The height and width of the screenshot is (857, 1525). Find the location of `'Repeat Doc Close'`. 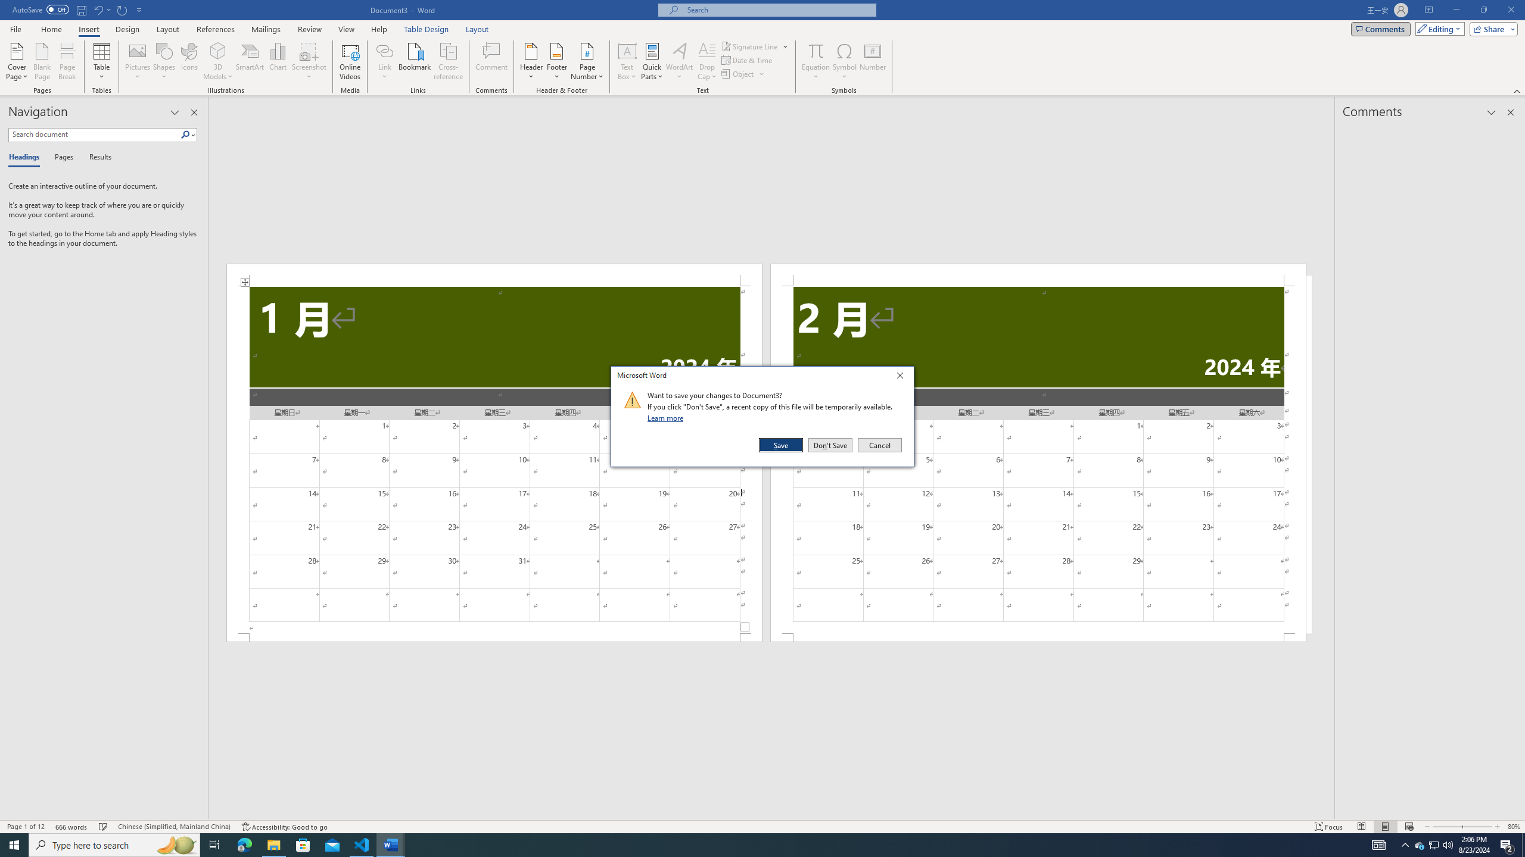

'Repeat Doc Close' is located at coordinates (122, 9).